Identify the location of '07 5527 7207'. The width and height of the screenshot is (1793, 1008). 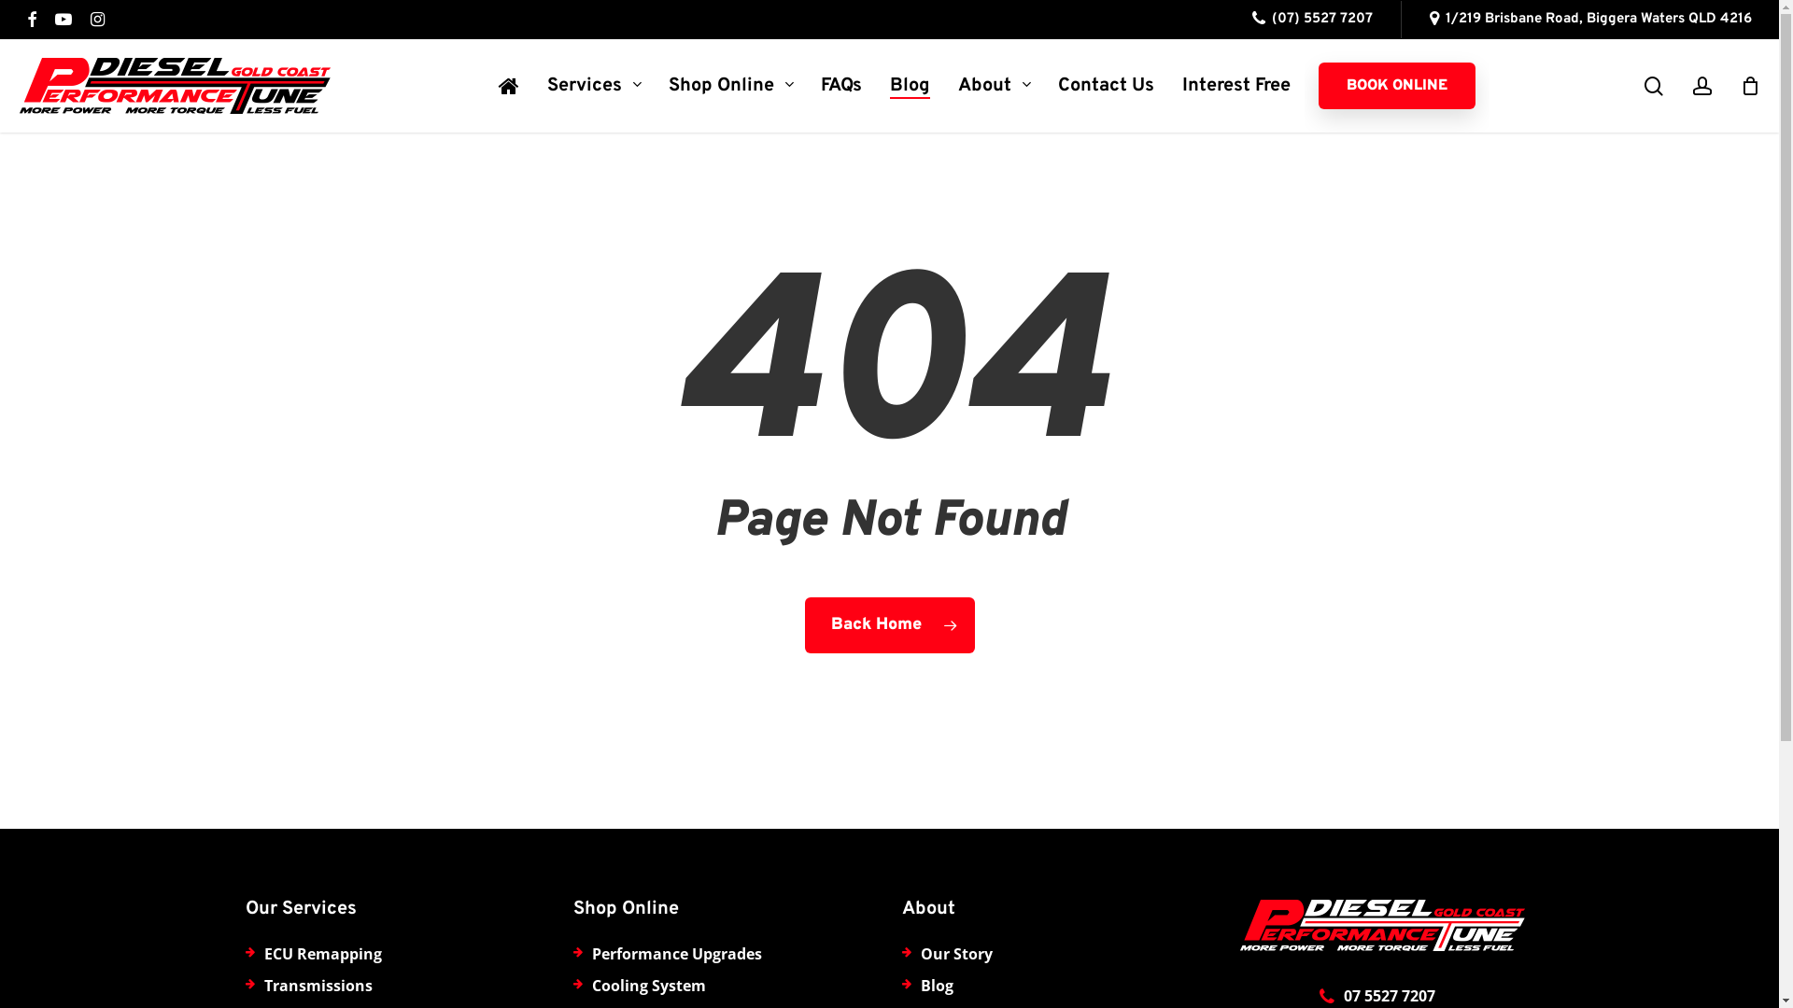
(1390, 995).